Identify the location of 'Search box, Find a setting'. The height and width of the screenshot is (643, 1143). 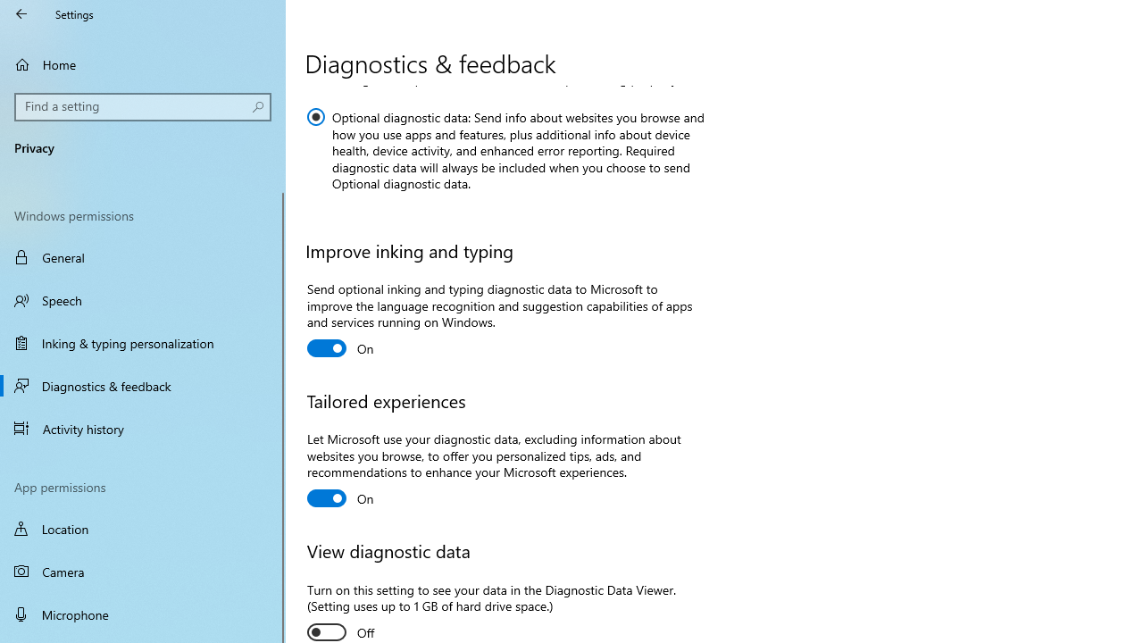
(143, 106).